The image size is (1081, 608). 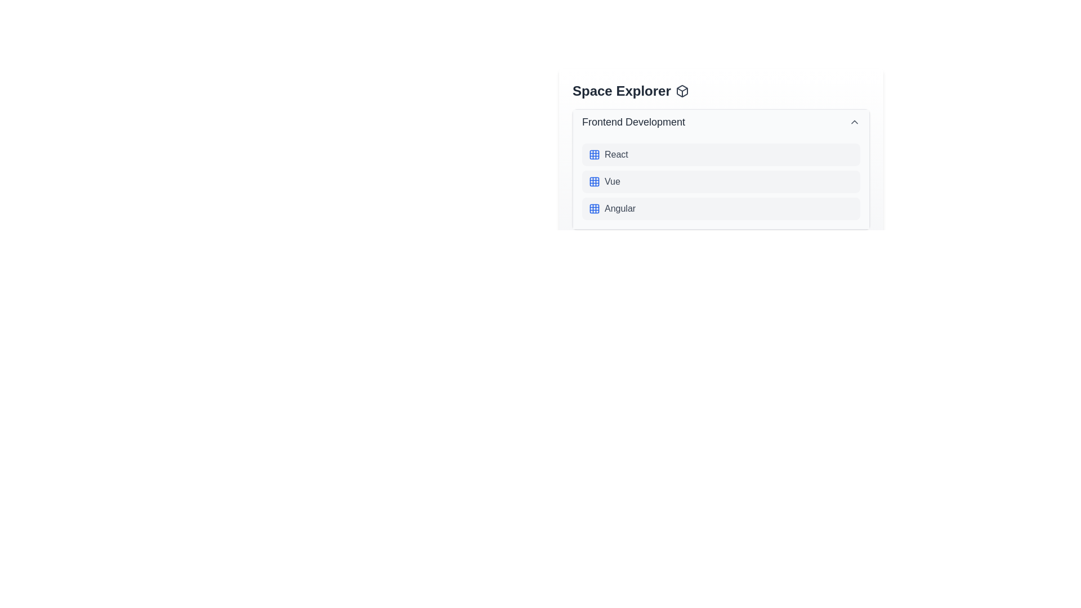 What do you see at coordinates (681, 91) in the screenshot?
I see `the small, box-shaped dark gray icon with a wireframe design located adjacent to the 'Space Explorer' text header` at bounding box center [681, 91].